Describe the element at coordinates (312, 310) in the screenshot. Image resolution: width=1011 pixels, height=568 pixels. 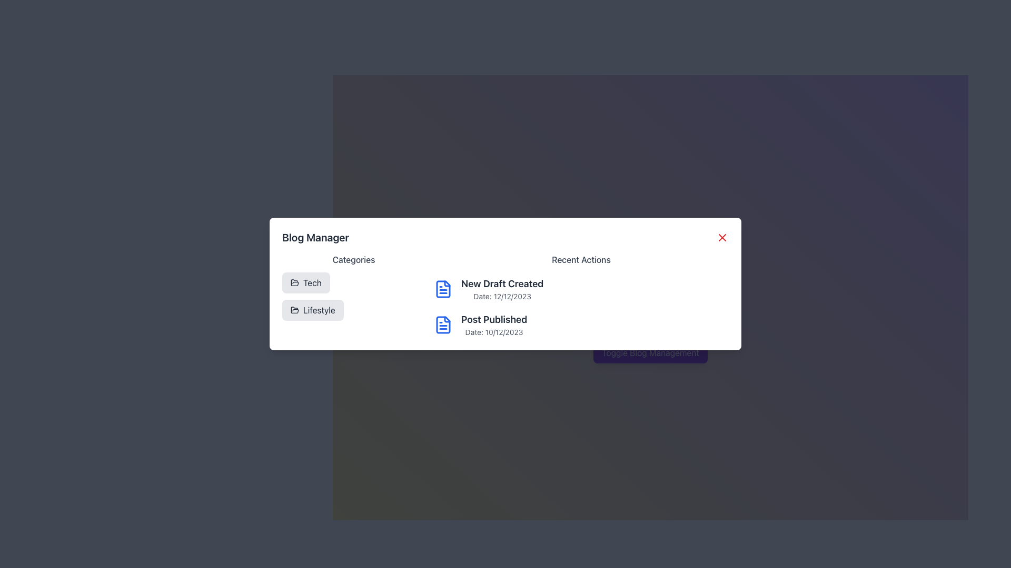
I see `the 'Lifestyle' category button located in the 'Categories' section of the 'Blog Manager' modal` at that location.